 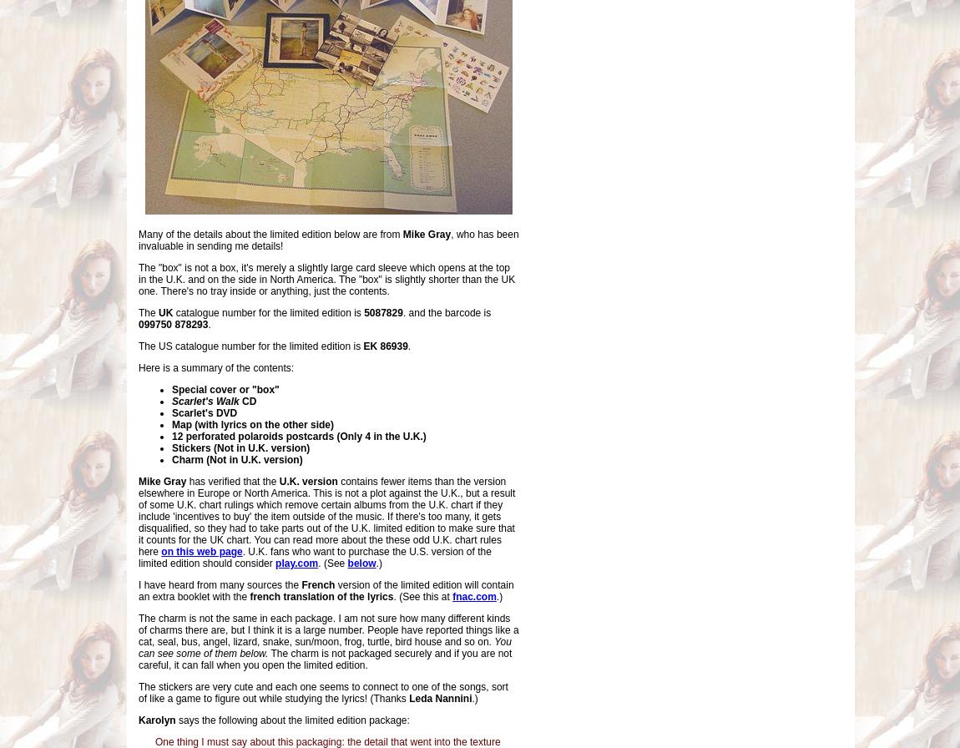 What do you see at coordinates (332, 563) in the screenshot?
I see `'.  (See'` at bounding box center [332, 563].